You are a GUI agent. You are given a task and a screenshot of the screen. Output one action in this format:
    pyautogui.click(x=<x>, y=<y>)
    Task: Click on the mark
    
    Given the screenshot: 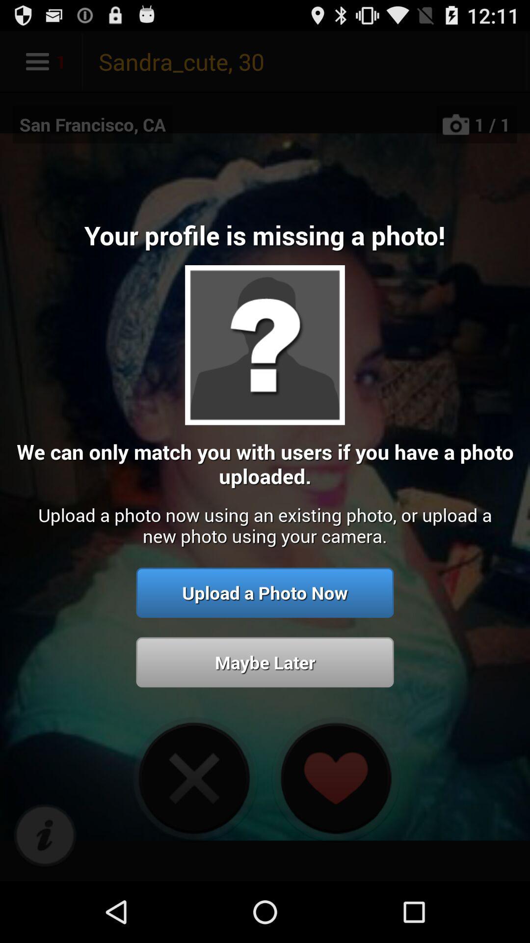 What is the action you would take?
    pyautogui.click(x=45, y=835)
    